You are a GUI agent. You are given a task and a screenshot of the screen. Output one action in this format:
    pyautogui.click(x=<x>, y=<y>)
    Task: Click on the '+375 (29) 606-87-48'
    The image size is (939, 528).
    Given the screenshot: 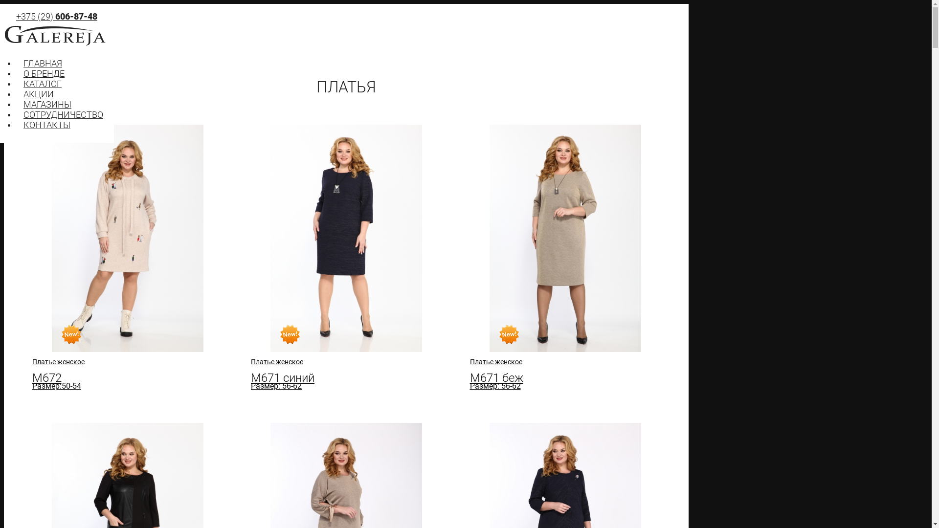 What is the action you would take?
    pyautogui.click(x=56, y=16)
    